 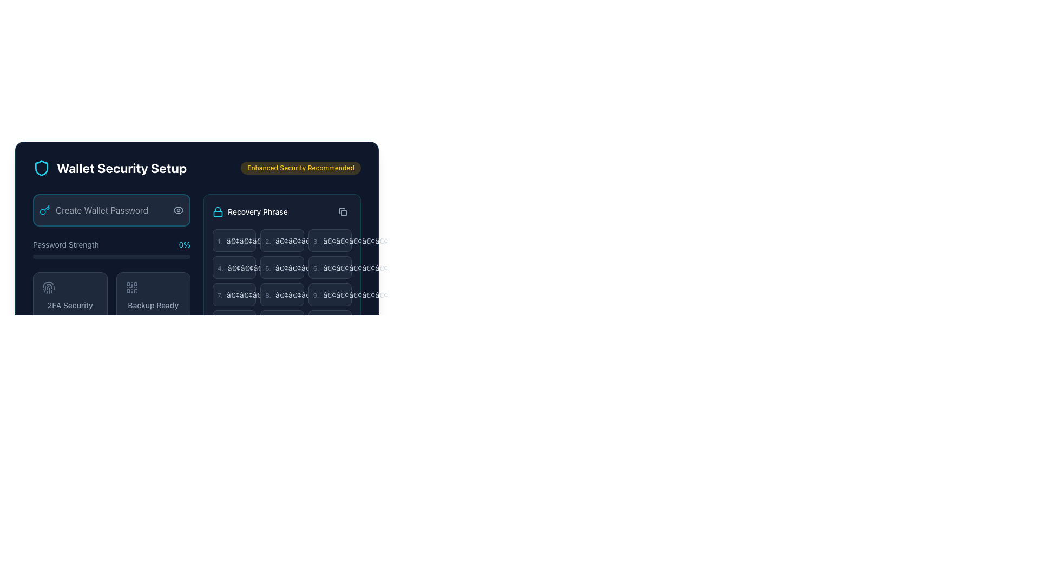 What do you see at coordinates (220, 268) in the screenshot?
I see `the text label displaying the number '4.' in light gray color, which is part of the 'Recovery Phrase' section and represents the fourth item in the list` at bounding box center [220, 268].